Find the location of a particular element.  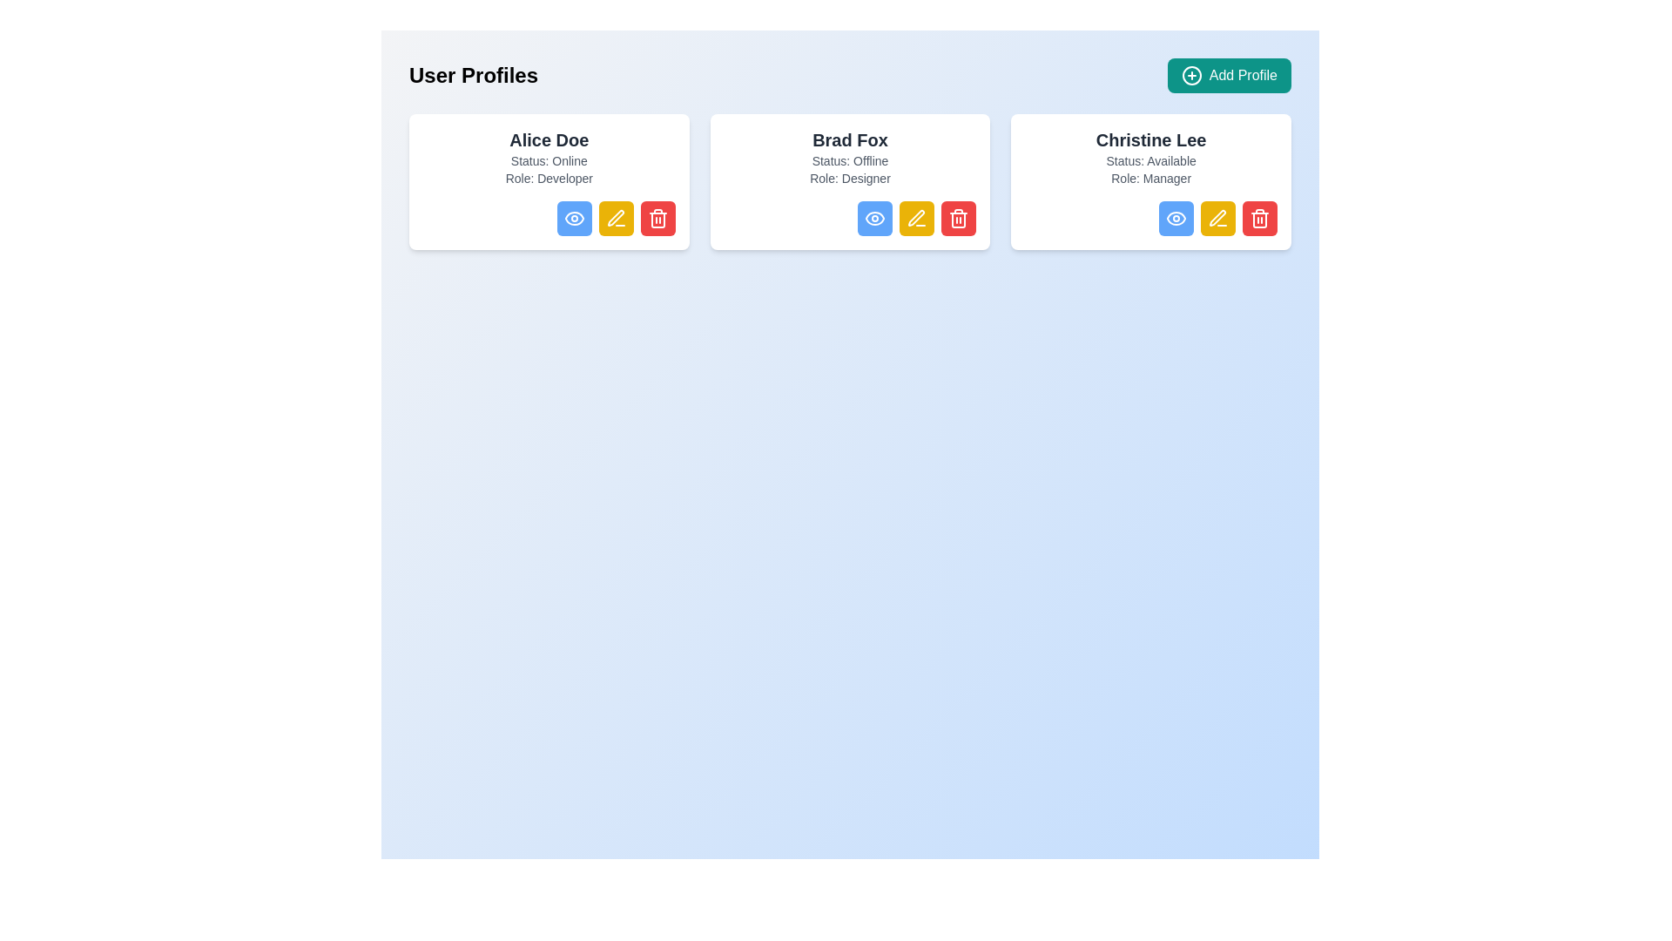

the red button with a trash icon inside it, which is the third button in a row within a card labeled 'Brad Fox' is located at coordinates (958, 217).